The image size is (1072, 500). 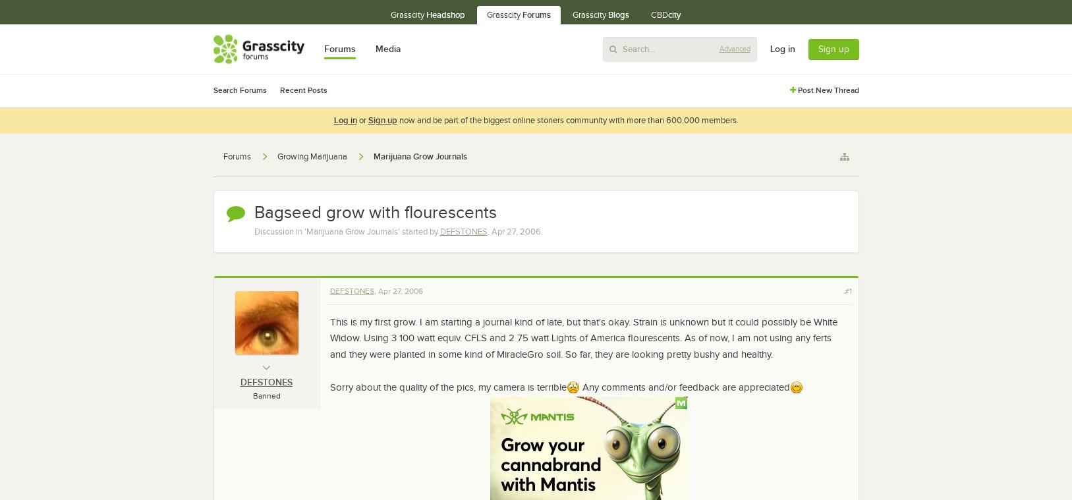 What do you see at coordinates (947, 75) in the screenshot?
I see `'Password:'` at bounding box center [947, 75].